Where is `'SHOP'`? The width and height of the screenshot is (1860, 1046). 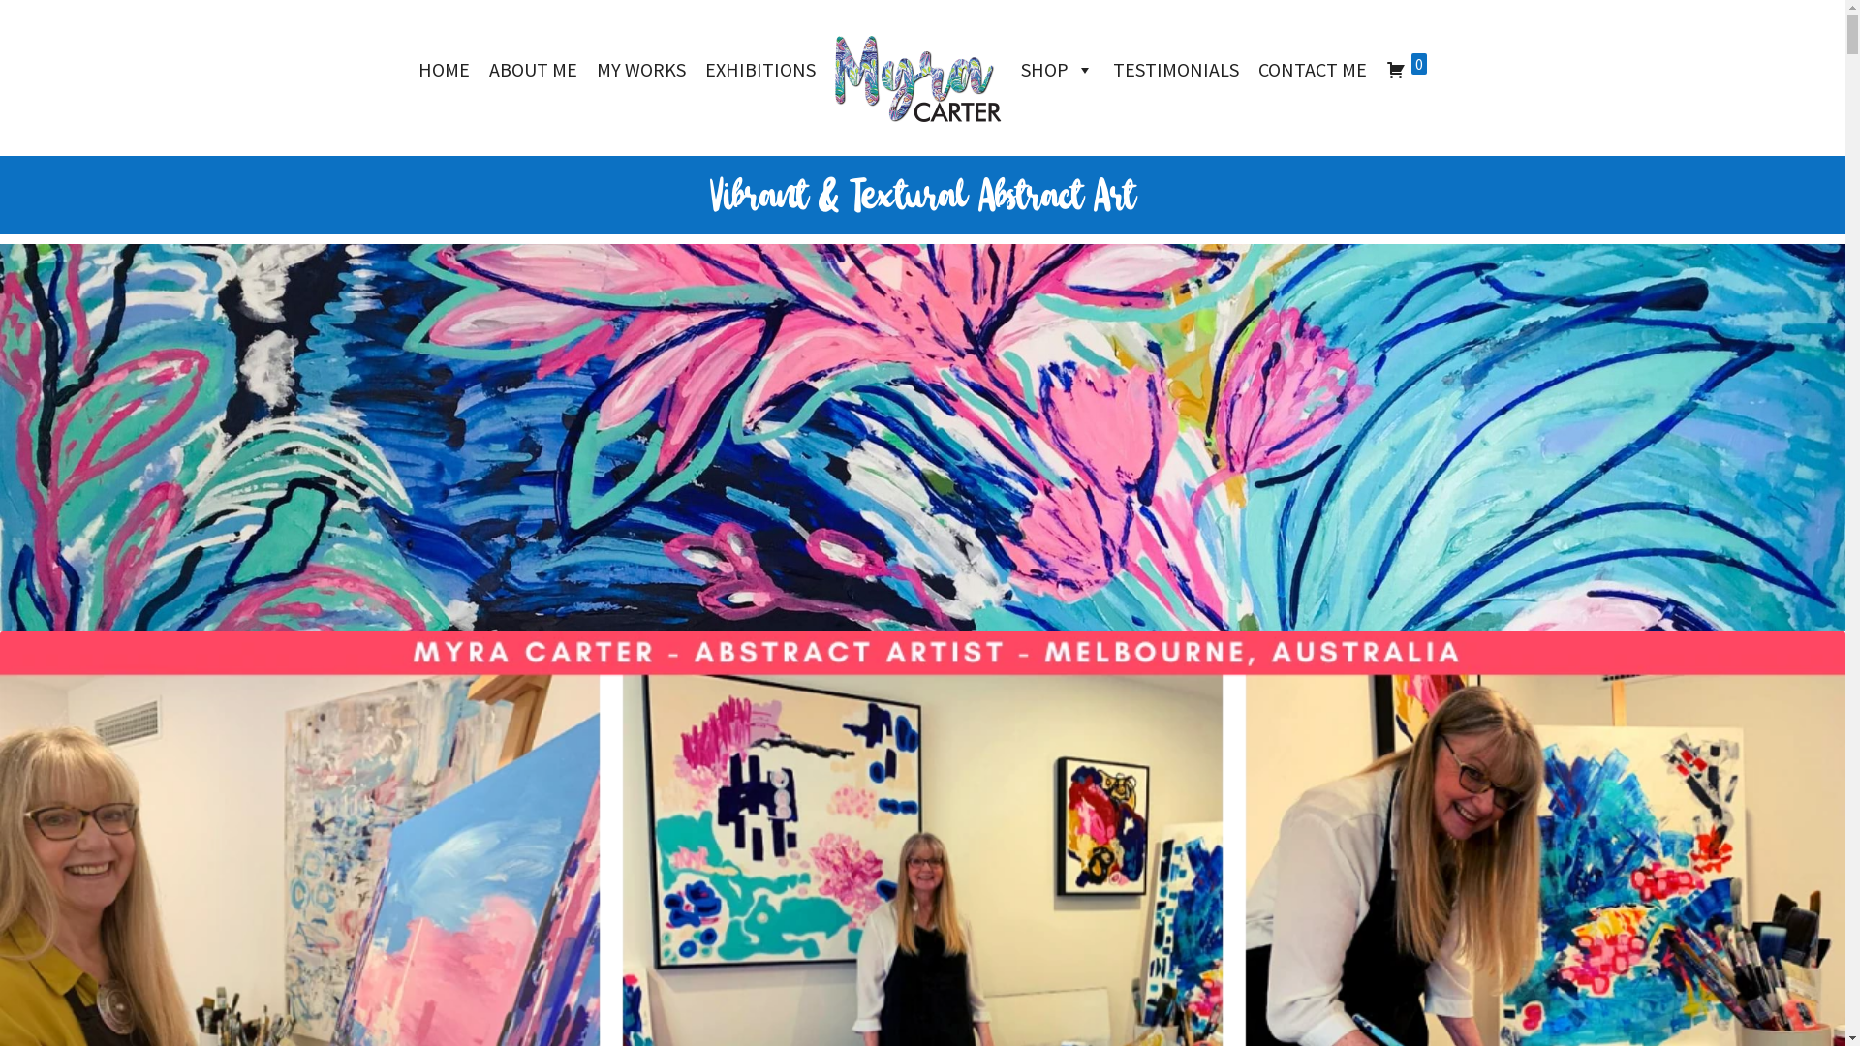 'SHOP' is located at coordinates (1056, 69).